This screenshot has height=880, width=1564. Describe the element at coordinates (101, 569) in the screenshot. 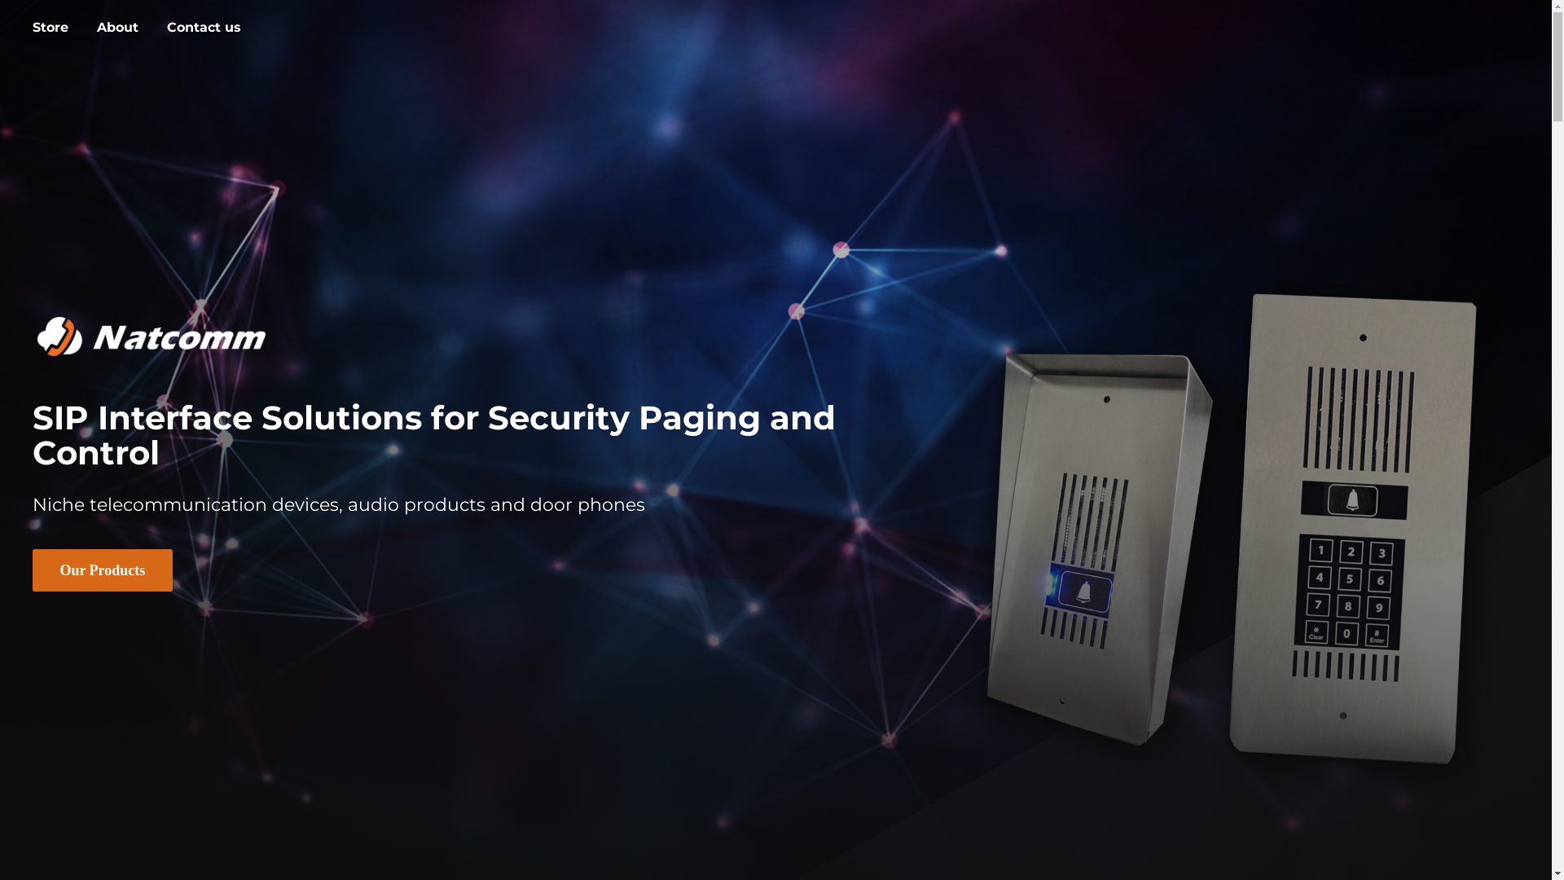

I see `'Our Products'` at that location.